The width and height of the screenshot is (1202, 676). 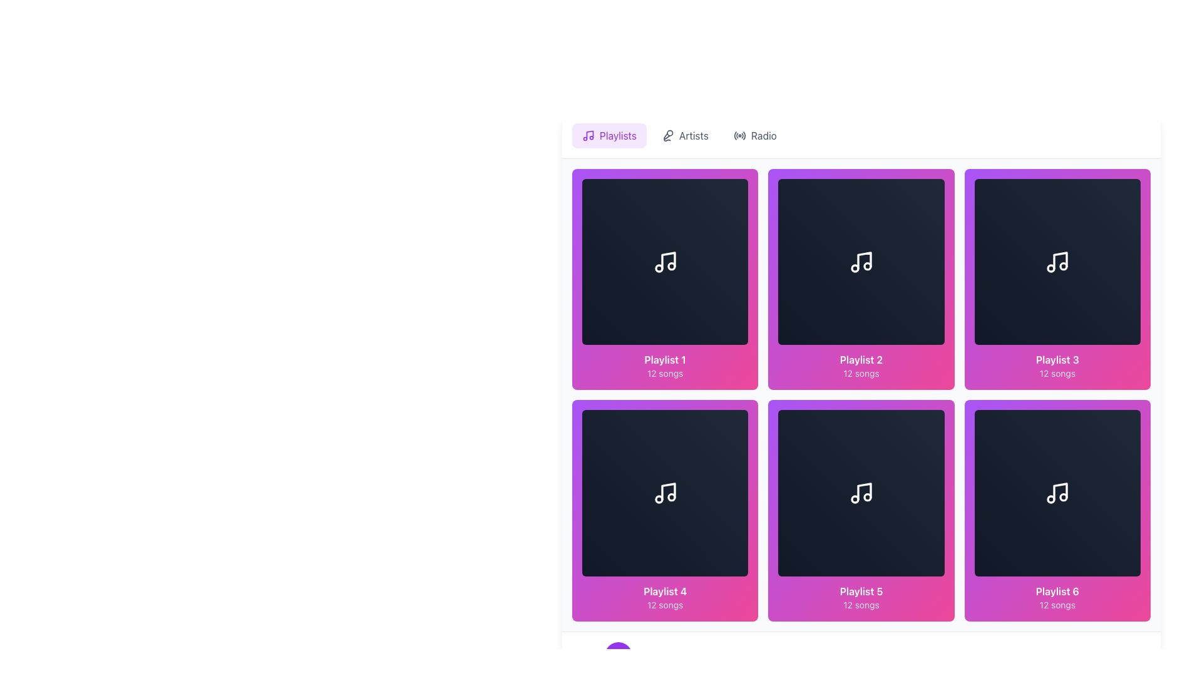 I want to click on the circular SVG component located in the top-right corner of the 'Playlist 3' card, which is part of the musical note icon, so click(x=1063, y=265).